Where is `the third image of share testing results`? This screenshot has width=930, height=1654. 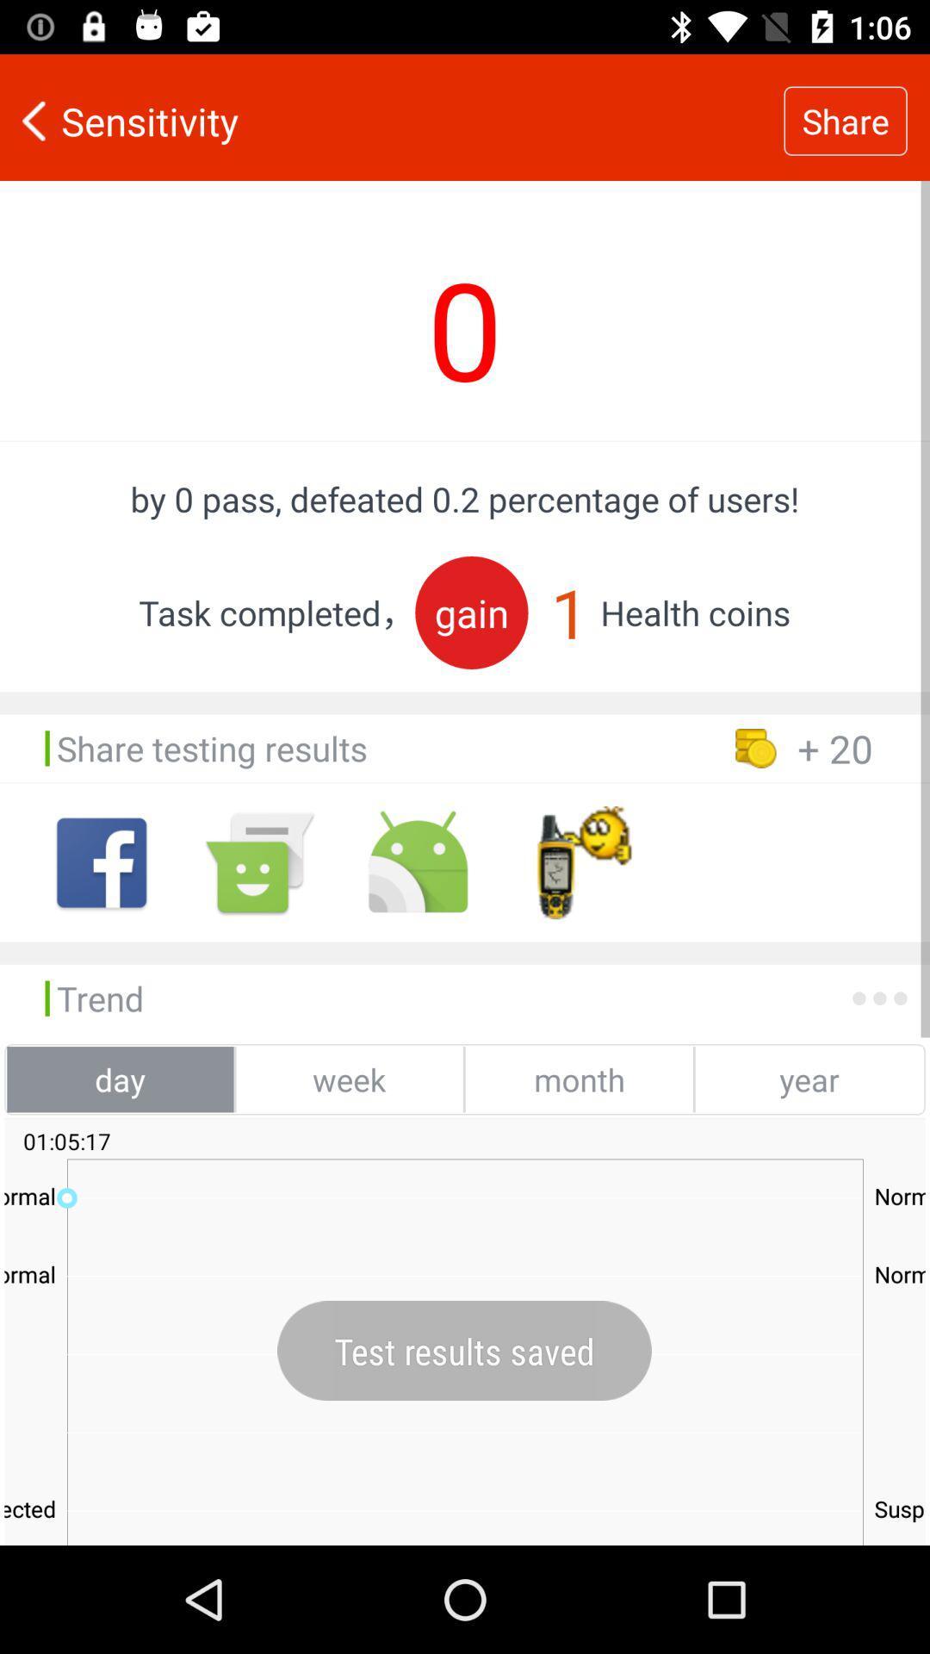 the third image of share testing results is located at coordinates (418, 862).